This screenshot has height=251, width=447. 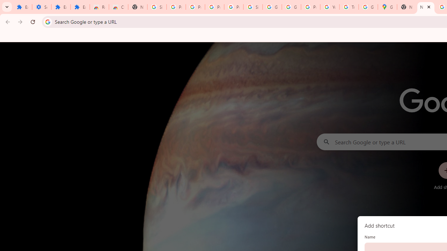 What do you see at coordinates (156, 7) in the screenshot?
I see `'Sign in - Google Accounts'` at bounding box center [156, 7].